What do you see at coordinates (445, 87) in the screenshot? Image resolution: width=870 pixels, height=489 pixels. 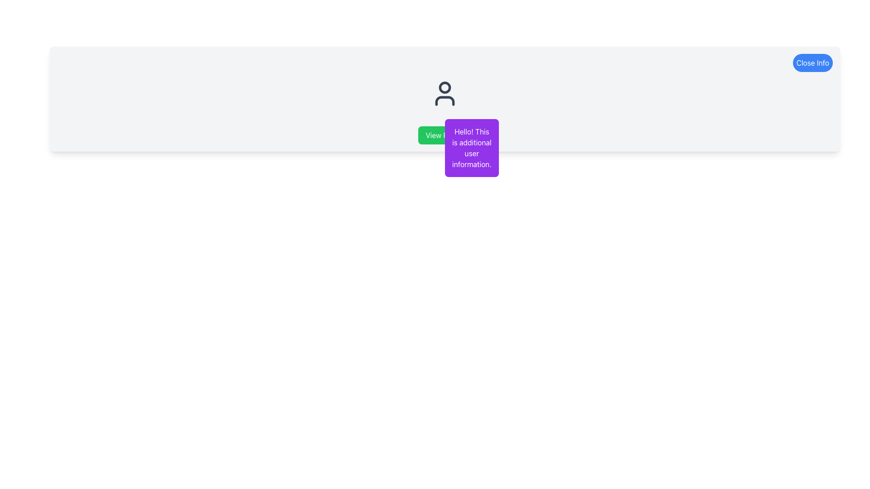 I see `the decorative graphical element (circle) that visually represents the user's head in the user icon, positioned above the arc shape depicting shoulders` at bounding box center [445, 87].